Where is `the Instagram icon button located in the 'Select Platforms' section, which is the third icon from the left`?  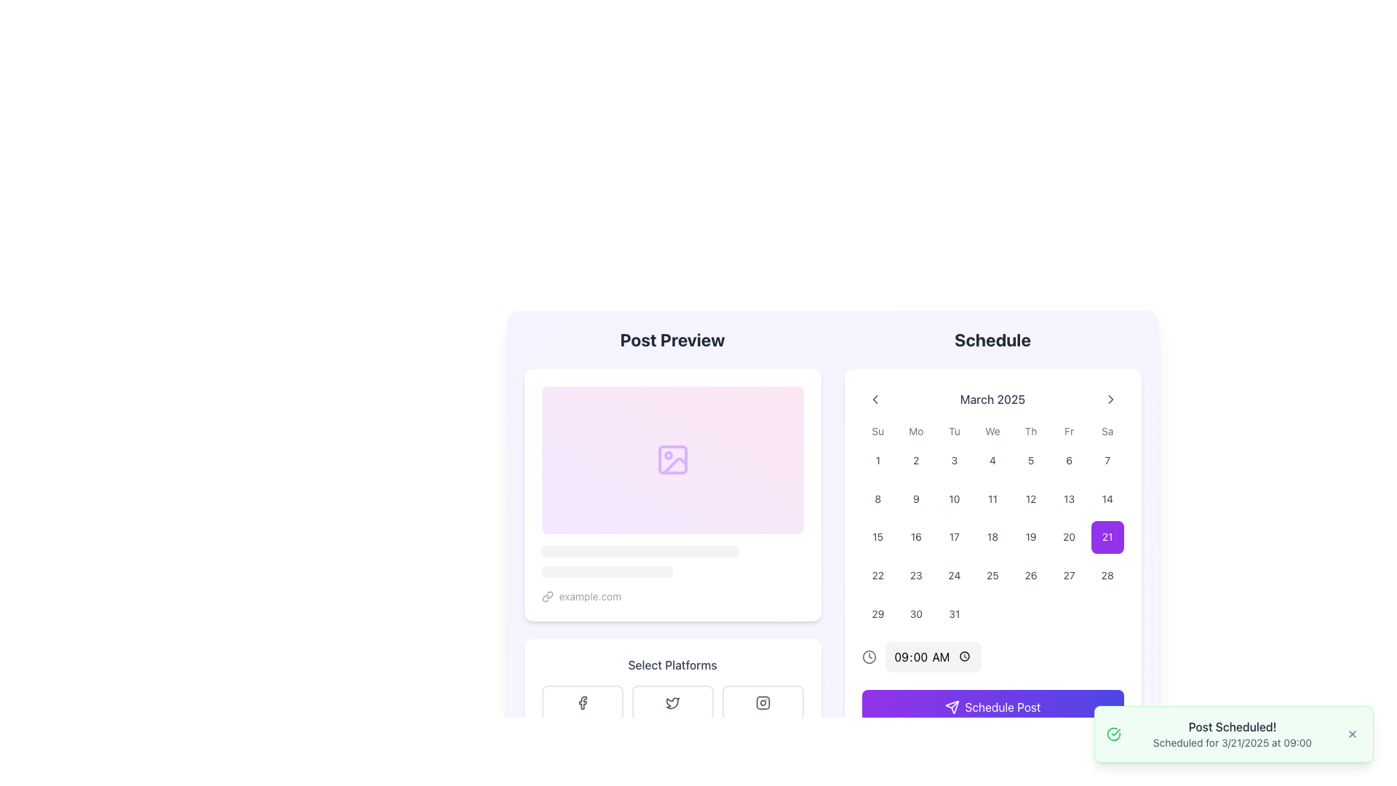
the Instagram icon button located in the 'Select Platforms' section, which is the third icon from the left is located at coordinates (762, 702).